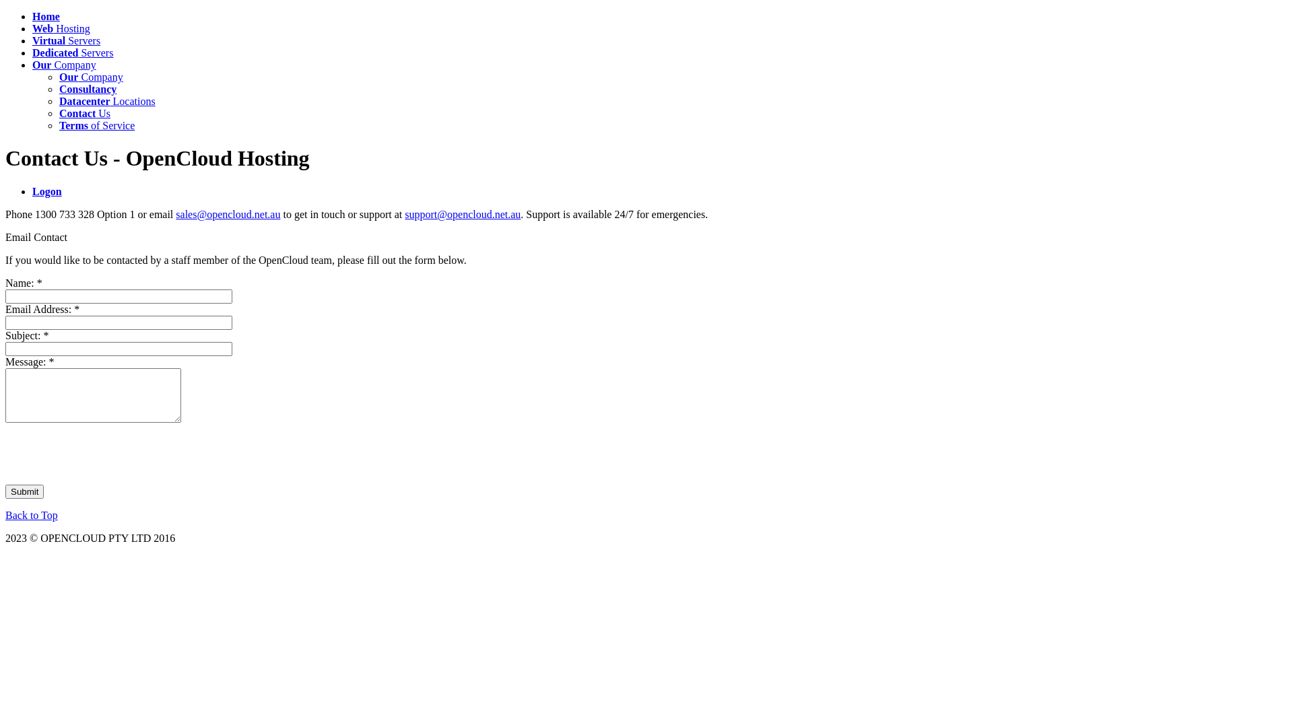 Image resolution: width=1293 pixels, height=727 pixels. Describe the element at coordinates (228, 213) in the screenshot. I see `'sales@opencloud.net.au'` at that location.